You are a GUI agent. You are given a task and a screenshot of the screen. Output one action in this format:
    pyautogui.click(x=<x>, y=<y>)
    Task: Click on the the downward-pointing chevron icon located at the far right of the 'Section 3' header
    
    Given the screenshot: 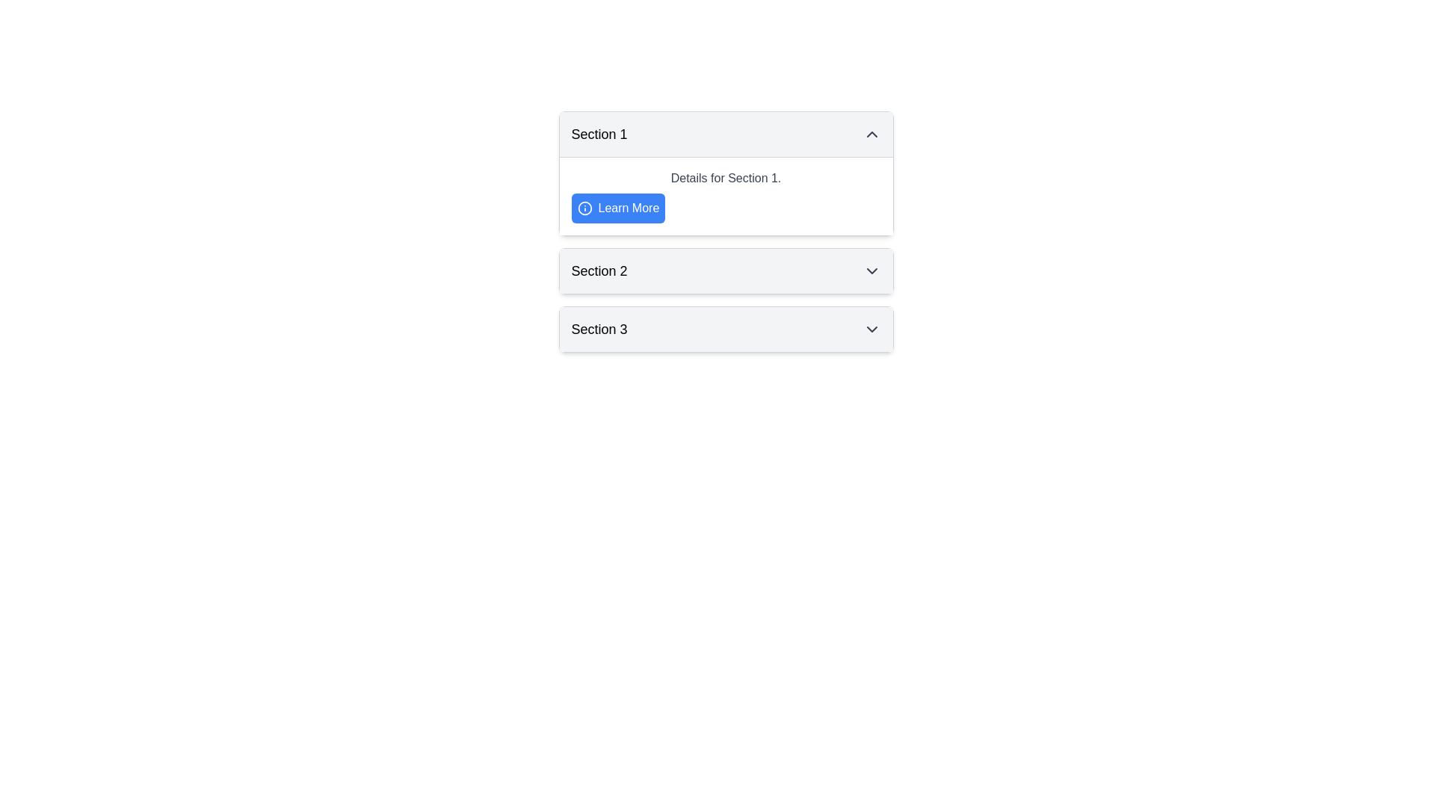 What is the action you would take?
    pyautogui.click(x=871, y=328)
    